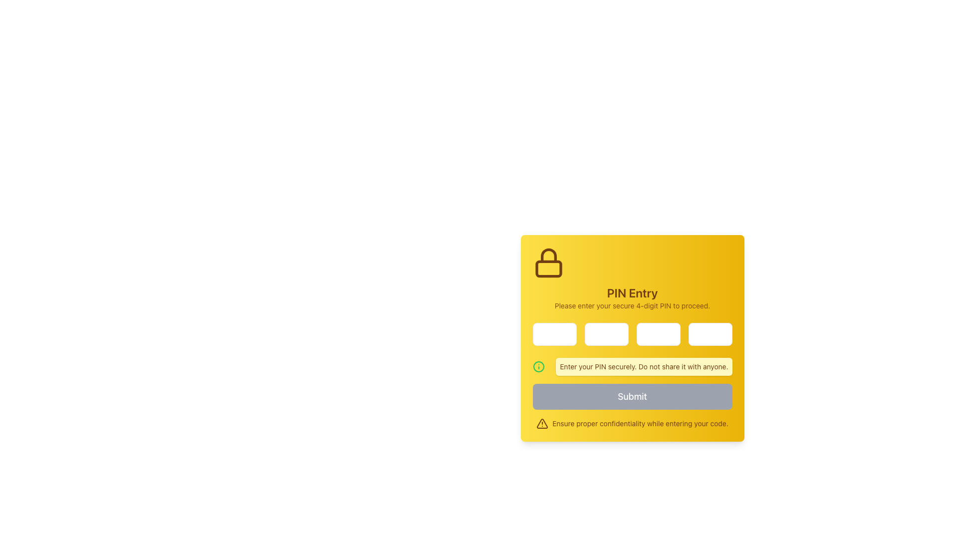 Image resolution: width=958 pixels, height=539 pixels. What do you see at coordinates (538, 367) in the screenshot?
I see `the Circle SVG graphic element, which serves as a decorative or informational graphic within the 24x24 pixel icon near the 'Enter your PIN securely' text input` at bounding box center [538, 367].